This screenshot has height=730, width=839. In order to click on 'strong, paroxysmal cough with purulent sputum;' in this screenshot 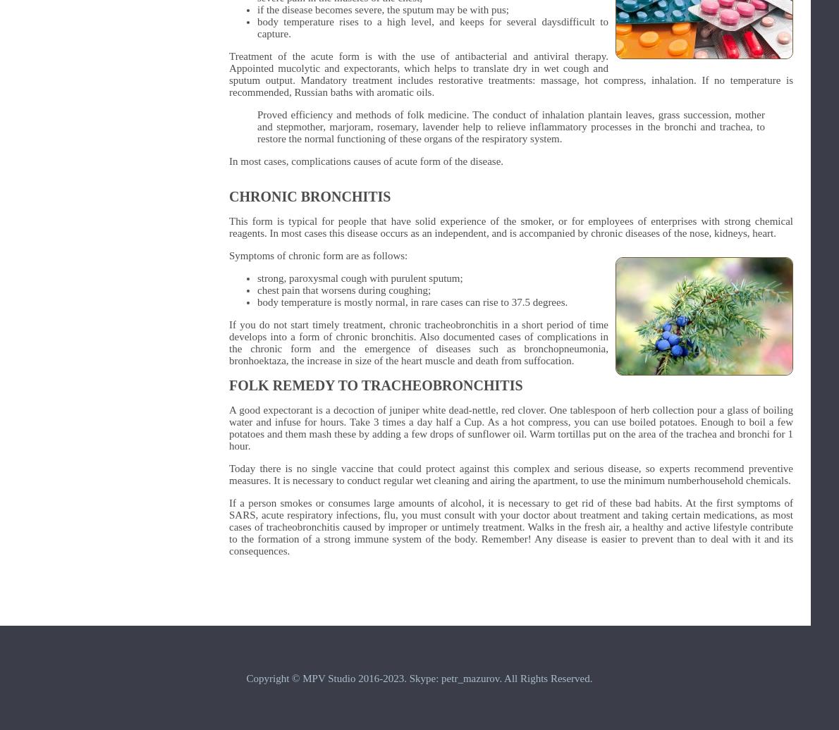, I will do `click(360, 278)`.